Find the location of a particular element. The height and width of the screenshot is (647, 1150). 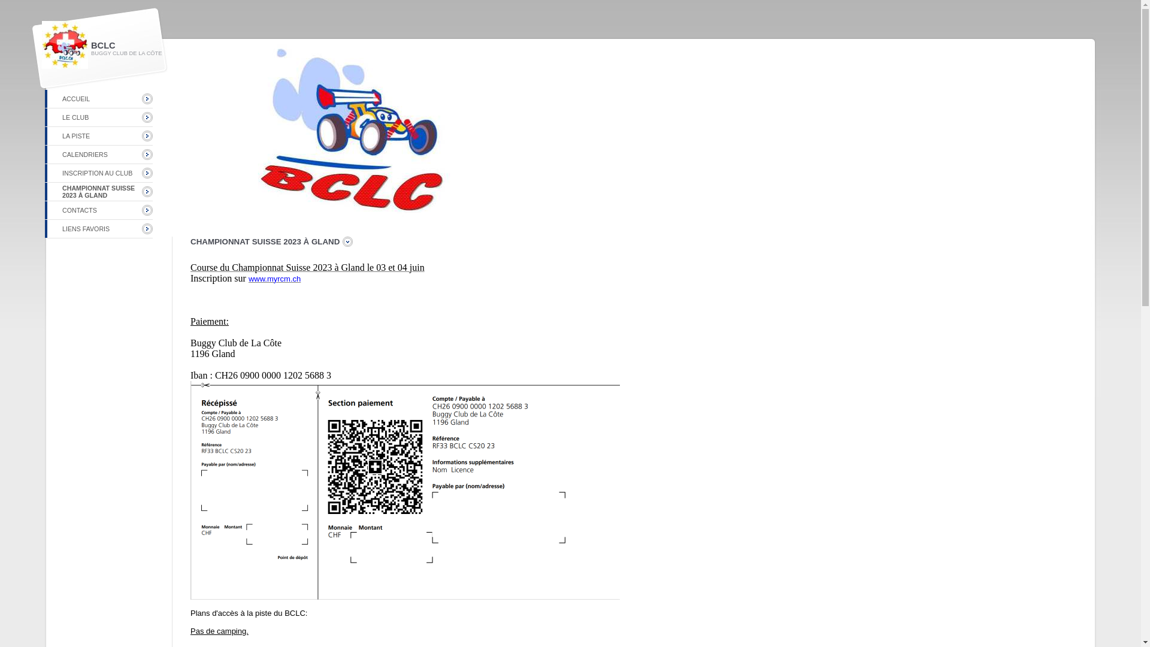

'LA PISTE' is located at coordinates (75, 135).